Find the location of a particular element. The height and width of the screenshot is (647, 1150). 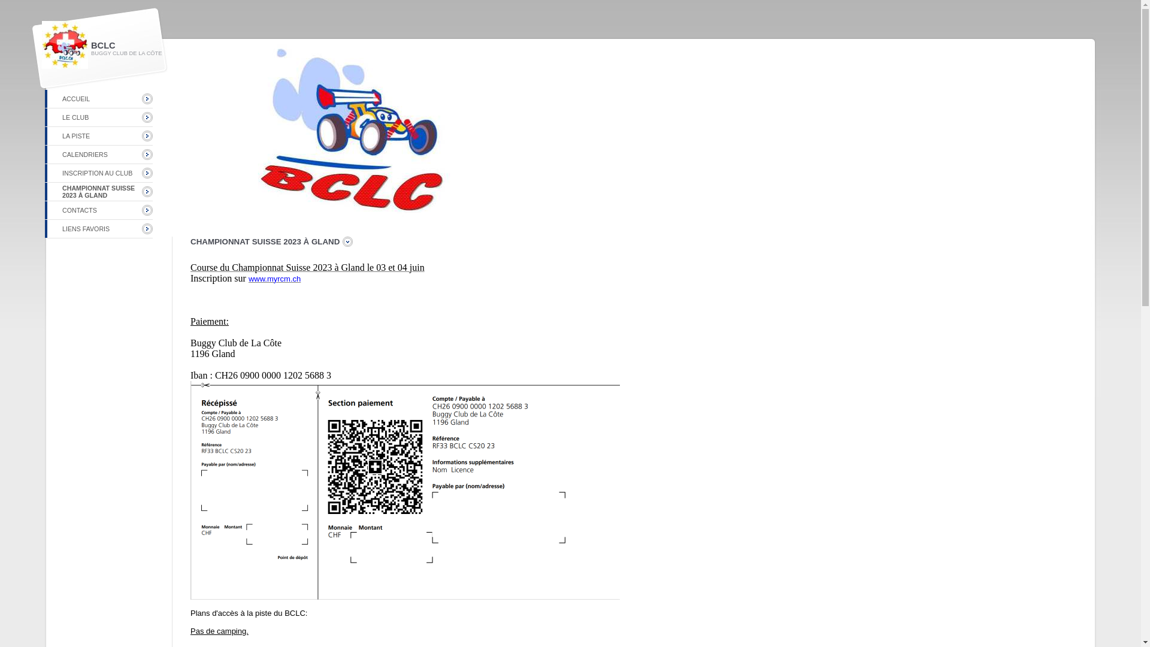

'LA PISTE' is located at coordinates (75, 135).